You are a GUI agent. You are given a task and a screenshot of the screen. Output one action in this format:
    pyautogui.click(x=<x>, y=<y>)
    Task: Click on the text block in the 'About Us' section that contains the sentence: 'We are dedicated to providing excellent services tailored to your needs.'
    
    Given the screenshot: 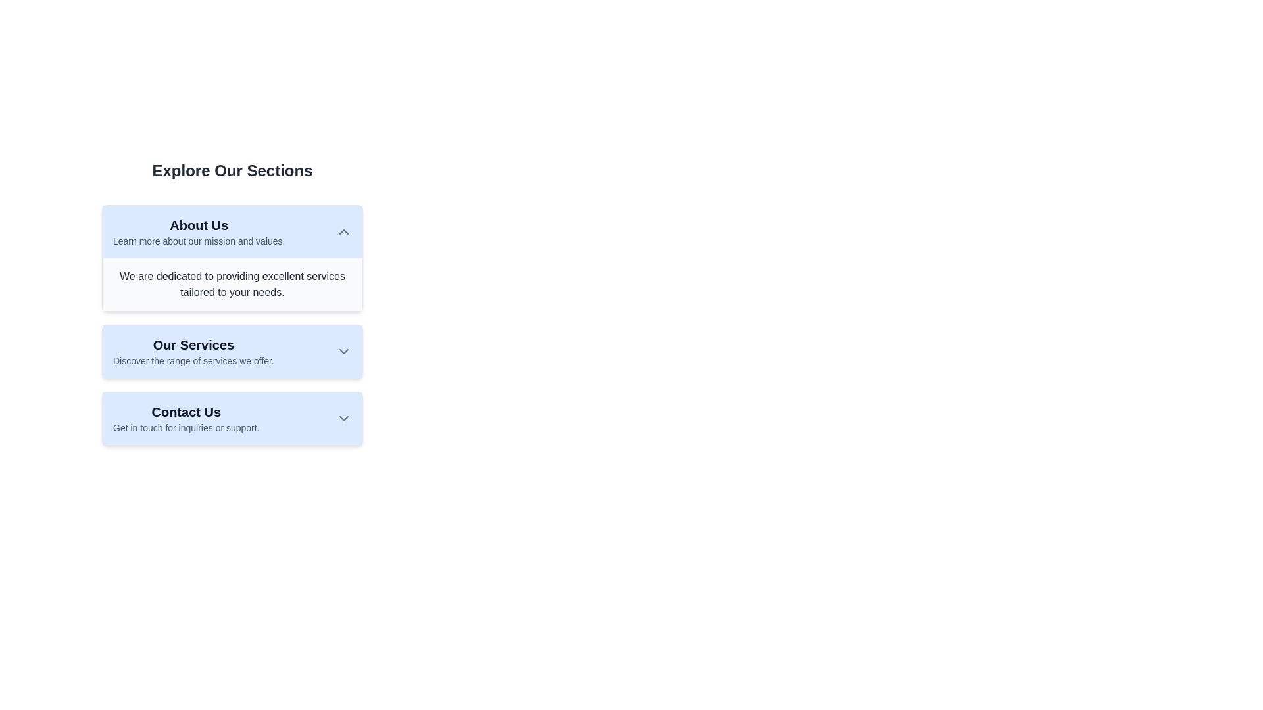 What is the action you would take?
    pyautogui.click(x=232, y=283)
    